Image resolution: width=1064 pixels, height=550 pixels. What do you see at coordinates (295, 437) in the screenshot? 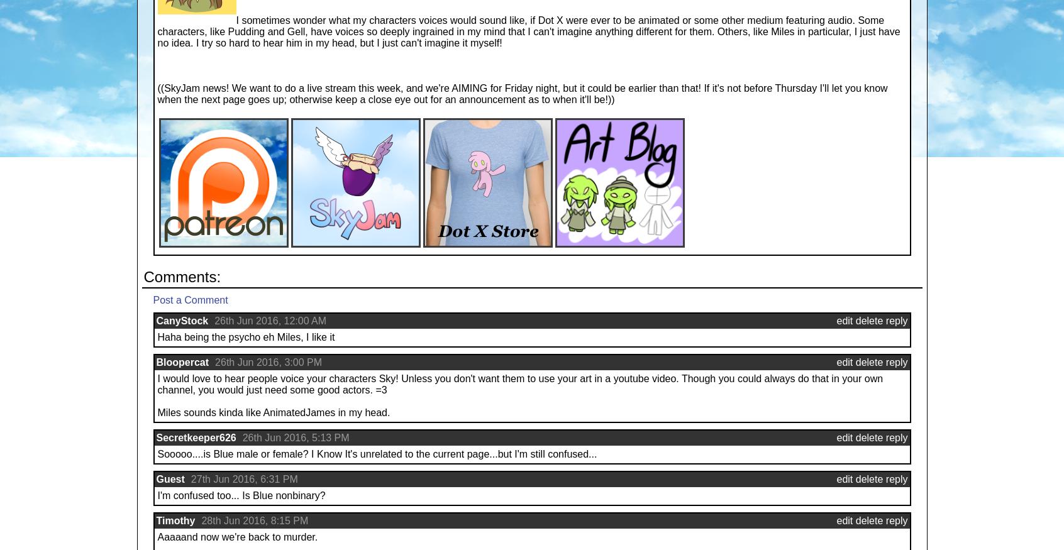
I see `'26th Jun 2016, 5:13 PM'` at bounding box center [295, 437].